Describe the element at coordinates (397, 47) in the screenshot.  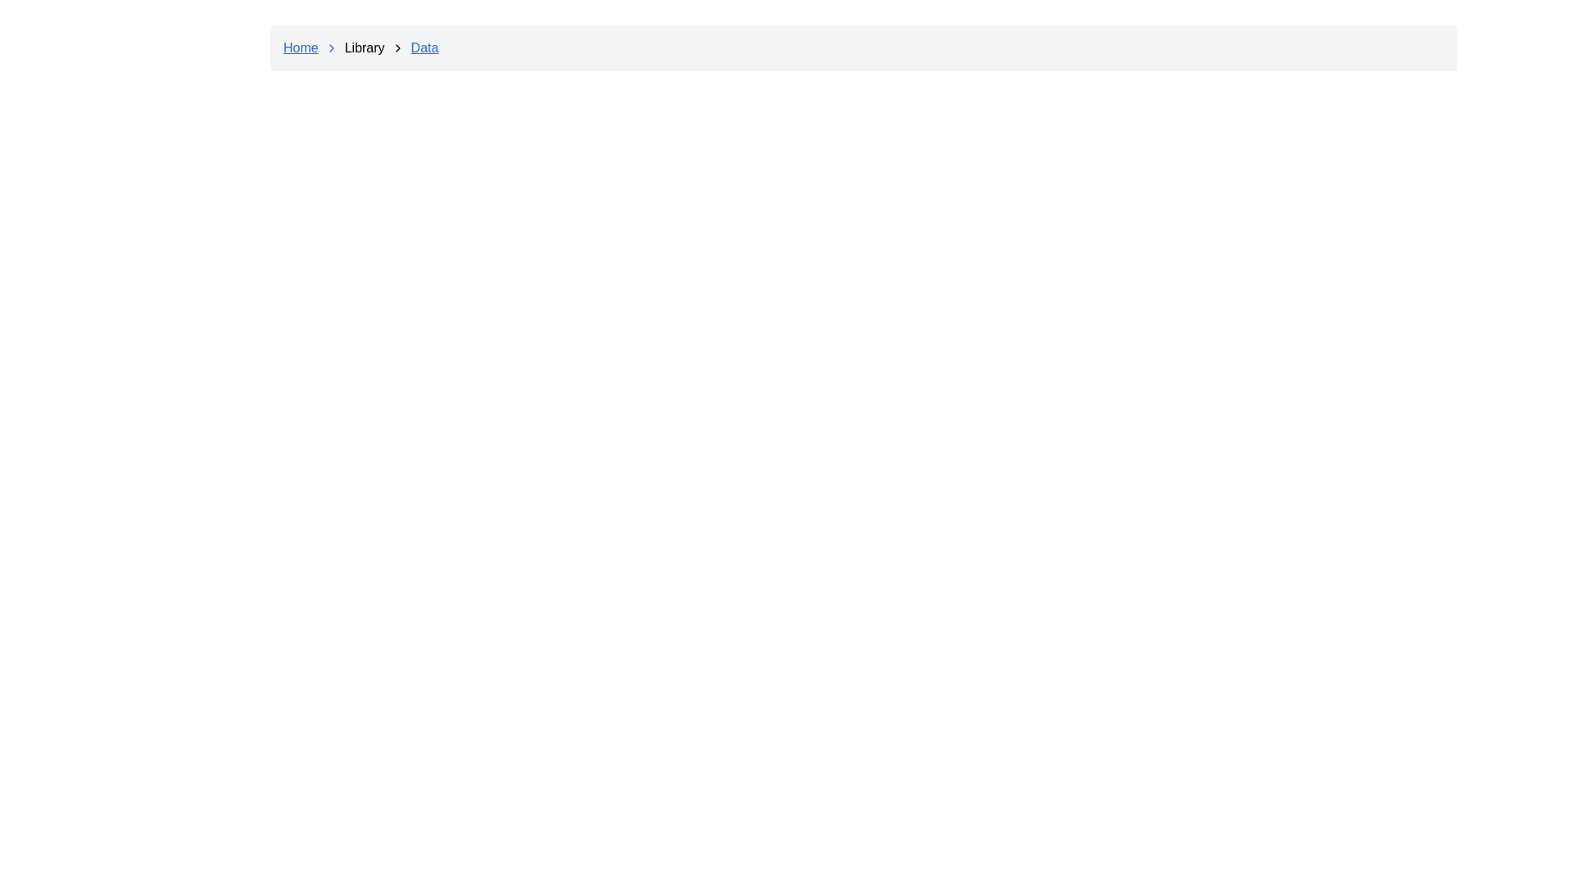
I see `the right-facing chevron arrow icon located immediately to the right of the 'Library' text in the navigation area` at that location.